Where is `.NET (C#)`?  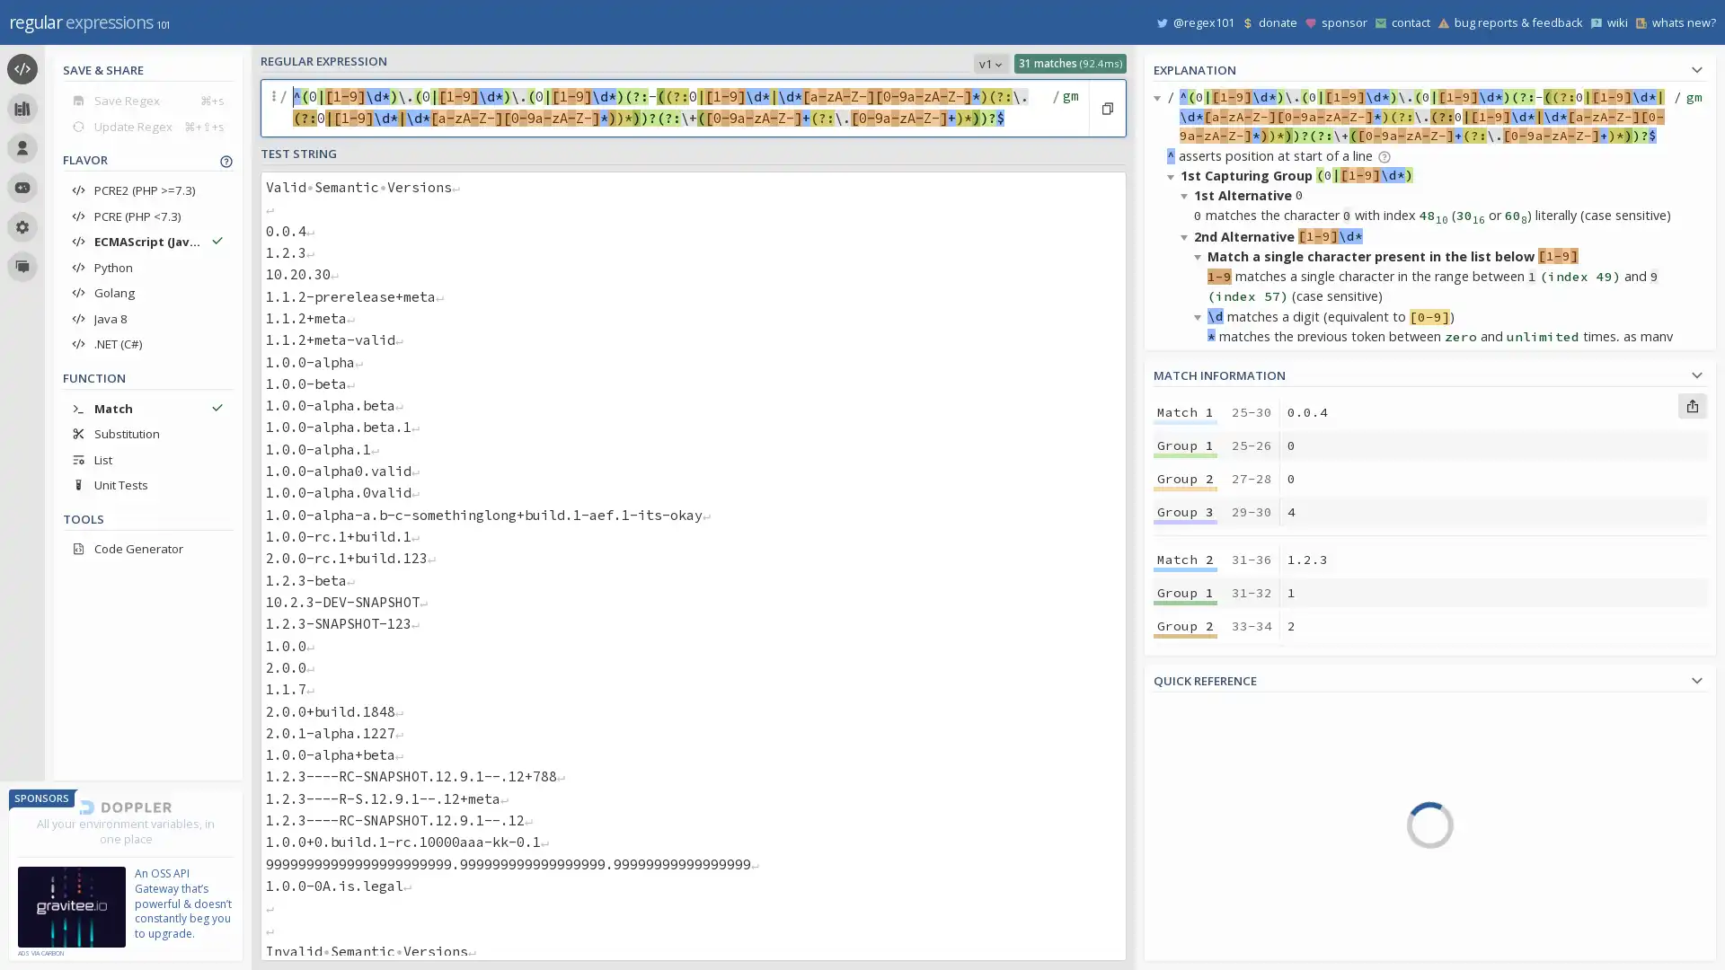 .NET (C#) is located at coordinates (147, 343).